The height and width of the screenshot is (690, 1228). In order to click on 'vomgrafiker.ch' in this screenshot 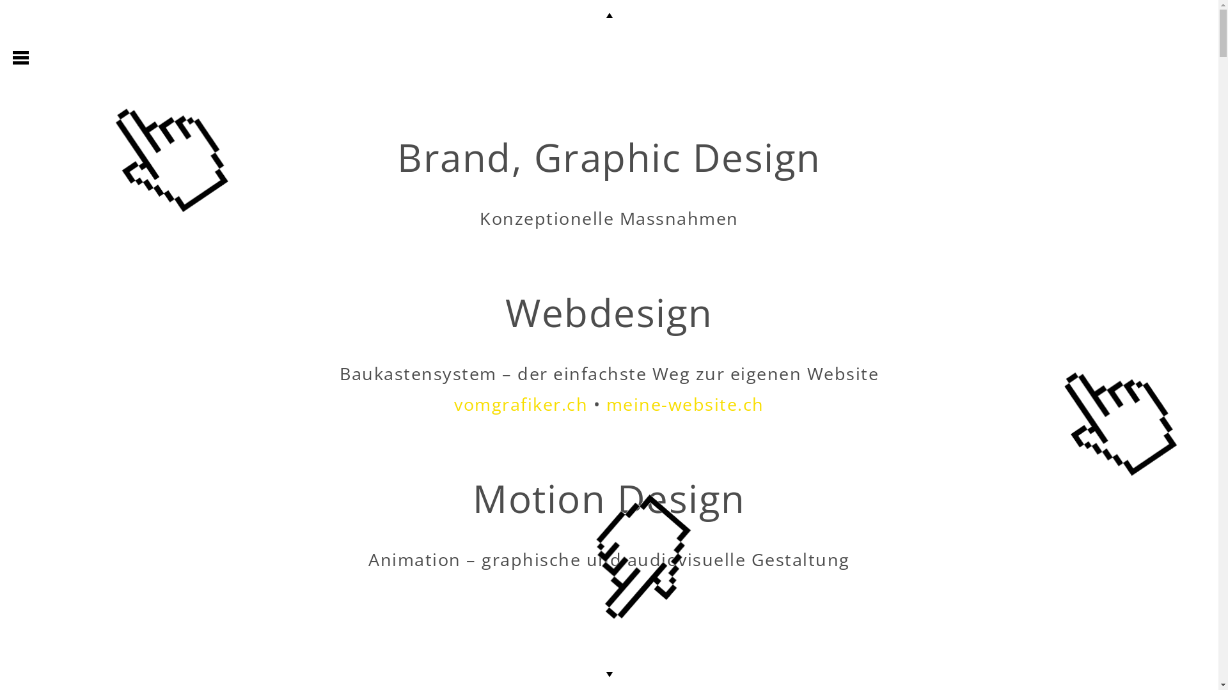, I will do `click(521, 404)`.